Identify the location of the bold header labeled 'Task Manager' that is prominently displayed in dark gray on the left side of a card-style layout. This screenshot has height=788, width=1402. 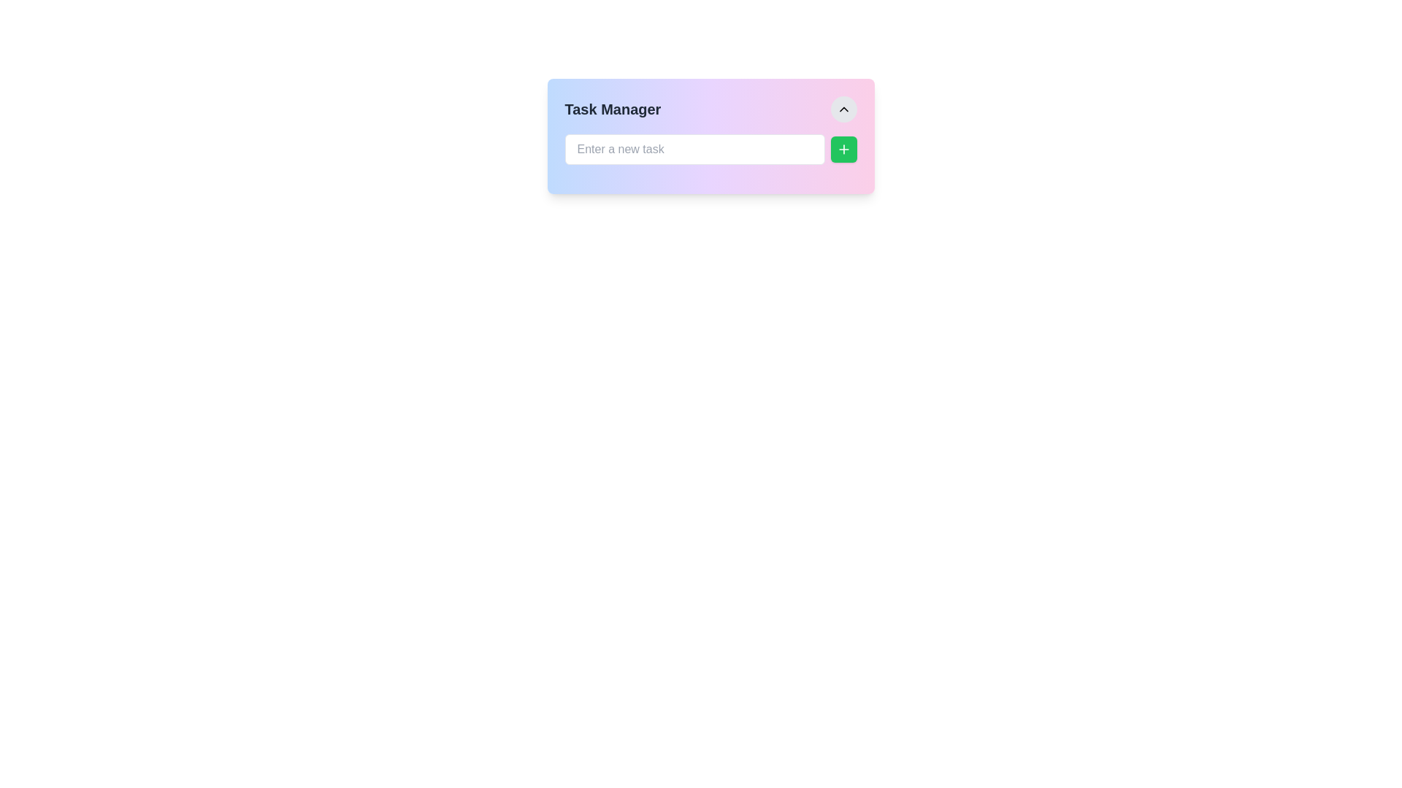
(613, 109).